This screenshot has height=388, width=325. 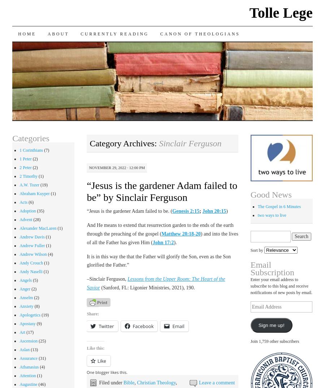 I want to click on ').', so click(x=175, y=242).